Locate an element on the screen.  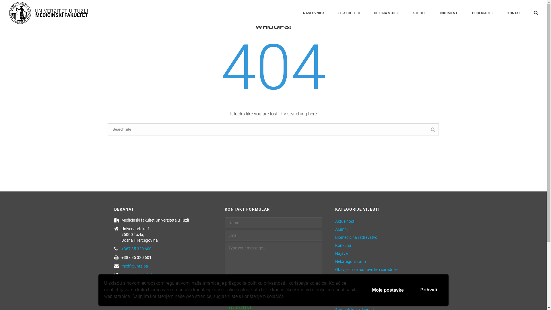
'KONTAKT' is located at coordinates (515, 13).